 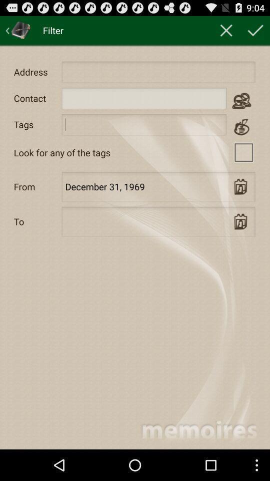 What do you see at coordinates (226, 32) in the screenshot?
I see `the close icon` at bounding box center [226, 32].